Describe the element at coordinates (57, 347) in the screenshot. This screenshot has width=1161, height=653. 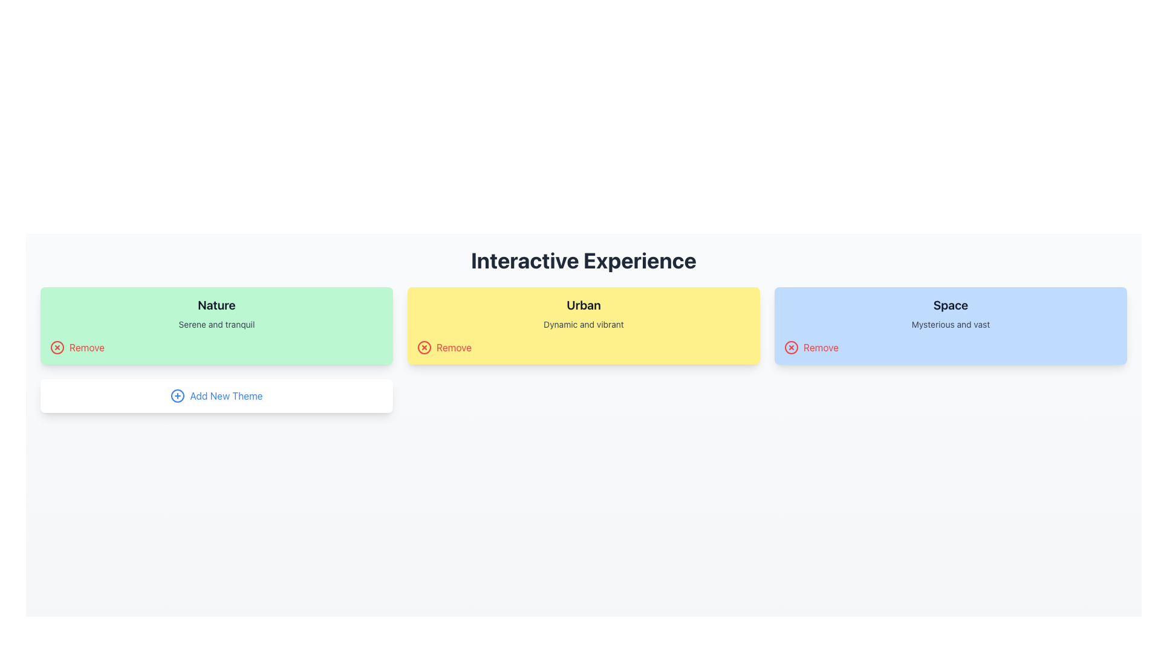
I see `the circular red 'X' icon located to the left of the 'Remove' text in the green 'Nature' section` at that location.